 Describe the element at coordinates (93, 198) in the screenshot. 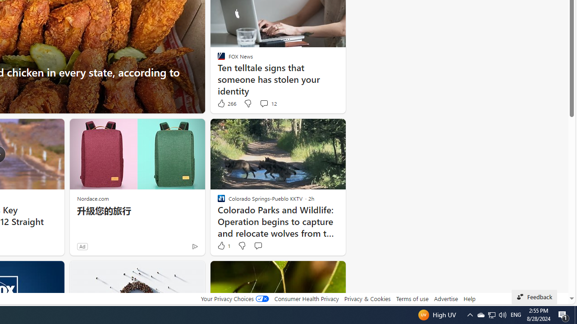

I see `'Nordace.com'` at that location.